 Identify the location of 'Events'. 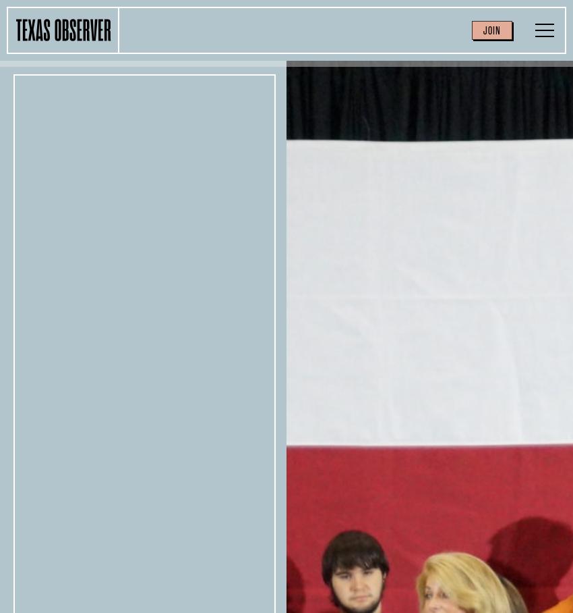
(350, 28).